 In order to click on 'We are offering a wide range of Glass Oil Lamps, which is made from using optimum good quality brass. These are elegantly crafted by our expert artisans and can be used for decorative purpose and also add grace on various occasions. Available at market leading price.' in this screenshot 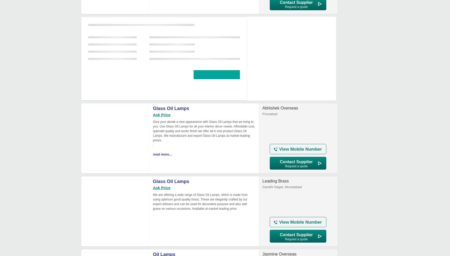, I will do `click(200, 202)`.